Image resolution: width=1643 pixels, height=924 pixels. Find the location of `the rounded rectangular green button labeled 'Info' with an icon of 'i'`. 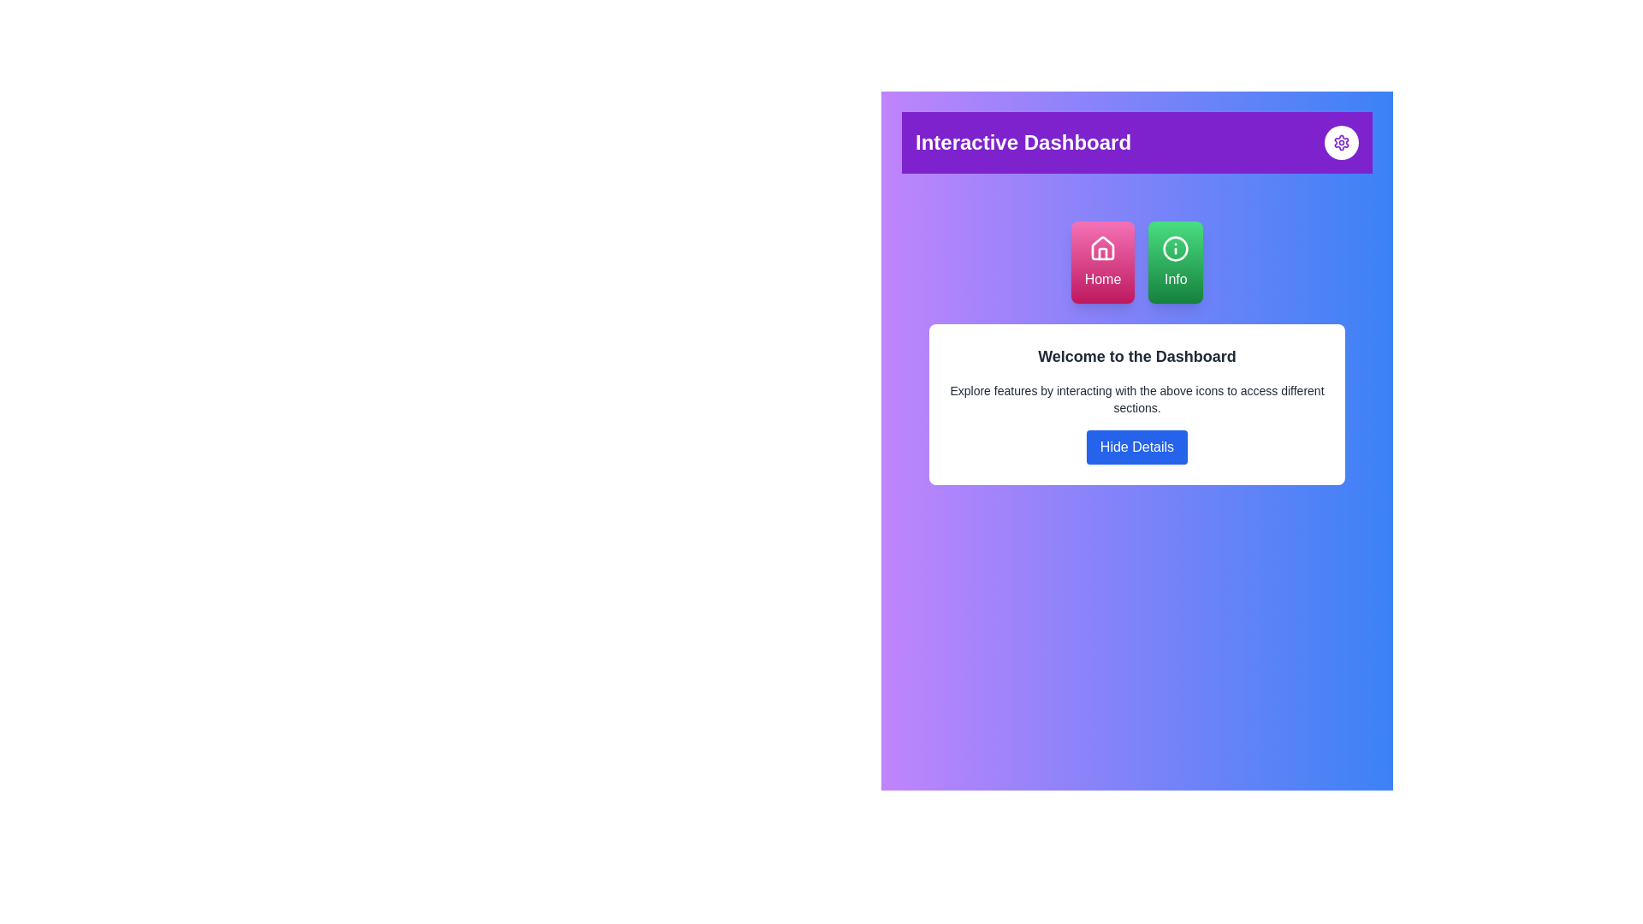

the rounded rectangular green button labeled 'Info' with an icon of 'i' is located at coordinates (1174, 263).